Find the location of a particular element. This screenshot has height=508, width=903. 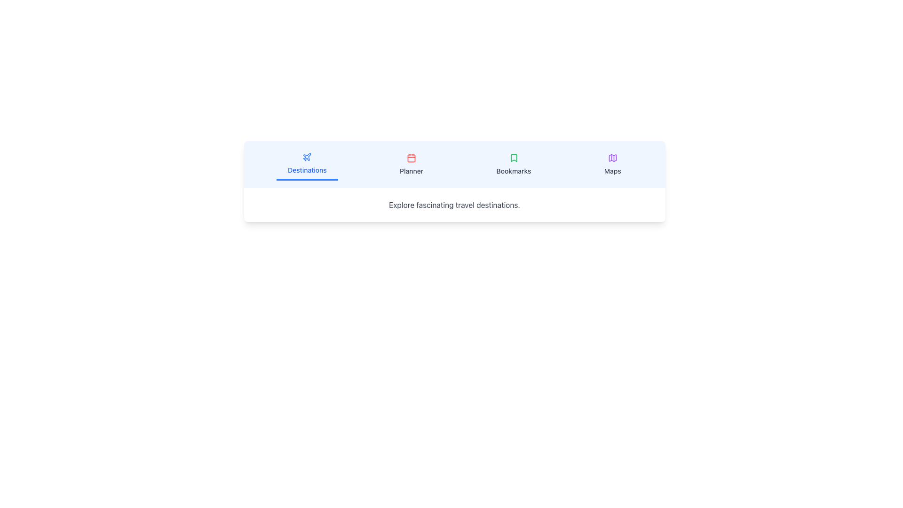

the purple map icon button labeled 'Maps' in the navigation bar is located at coordinates (612, 164).